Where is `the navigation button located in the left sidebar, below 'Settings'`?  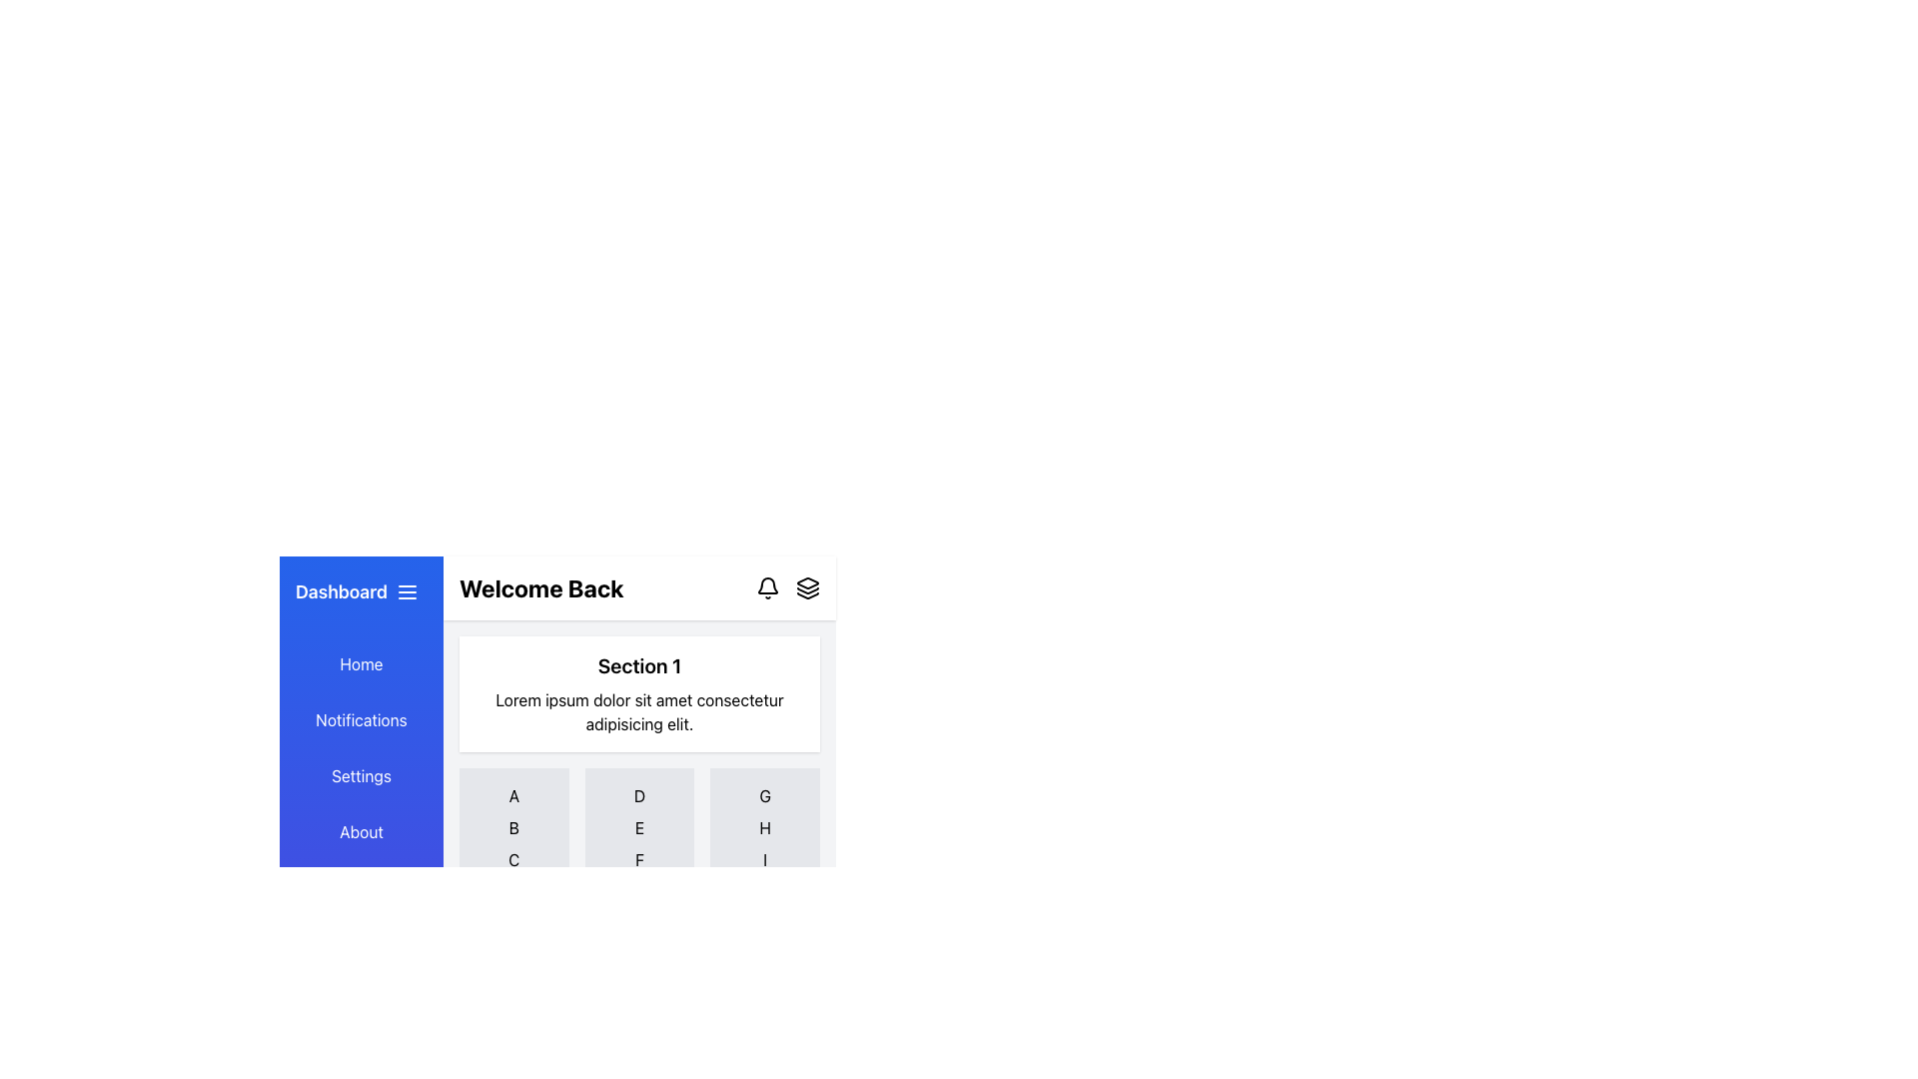
the navigation button located in the left sidebar, below 'Settings' is located at coordinates (361, 832).